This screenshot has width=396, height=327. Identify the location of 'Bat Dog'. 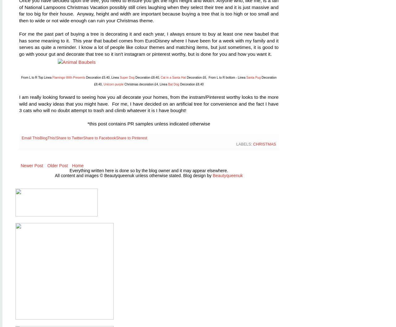
(173, 84).